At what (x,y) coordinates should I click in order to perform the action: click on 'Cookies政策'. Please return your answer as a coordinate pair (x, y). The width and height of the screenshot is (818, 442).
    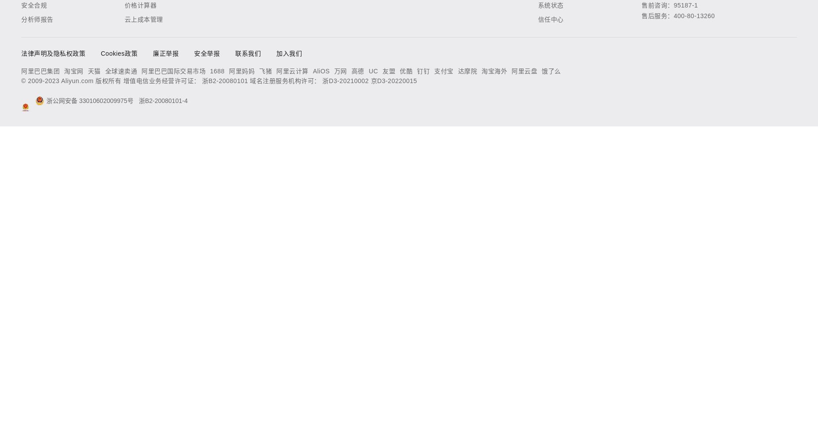
    Looking at the image, I should click on (118, 53).